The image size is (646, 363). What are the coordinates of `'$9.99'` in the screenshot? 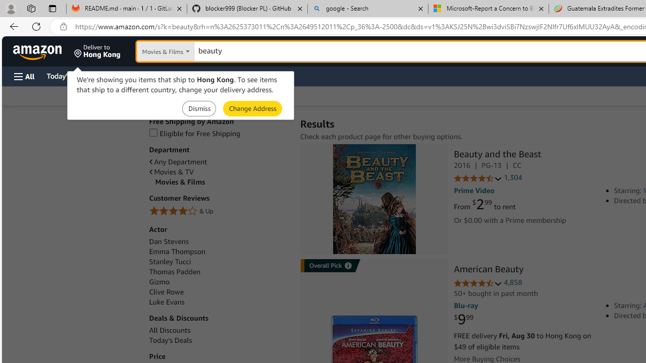 It's located at (463, 320).